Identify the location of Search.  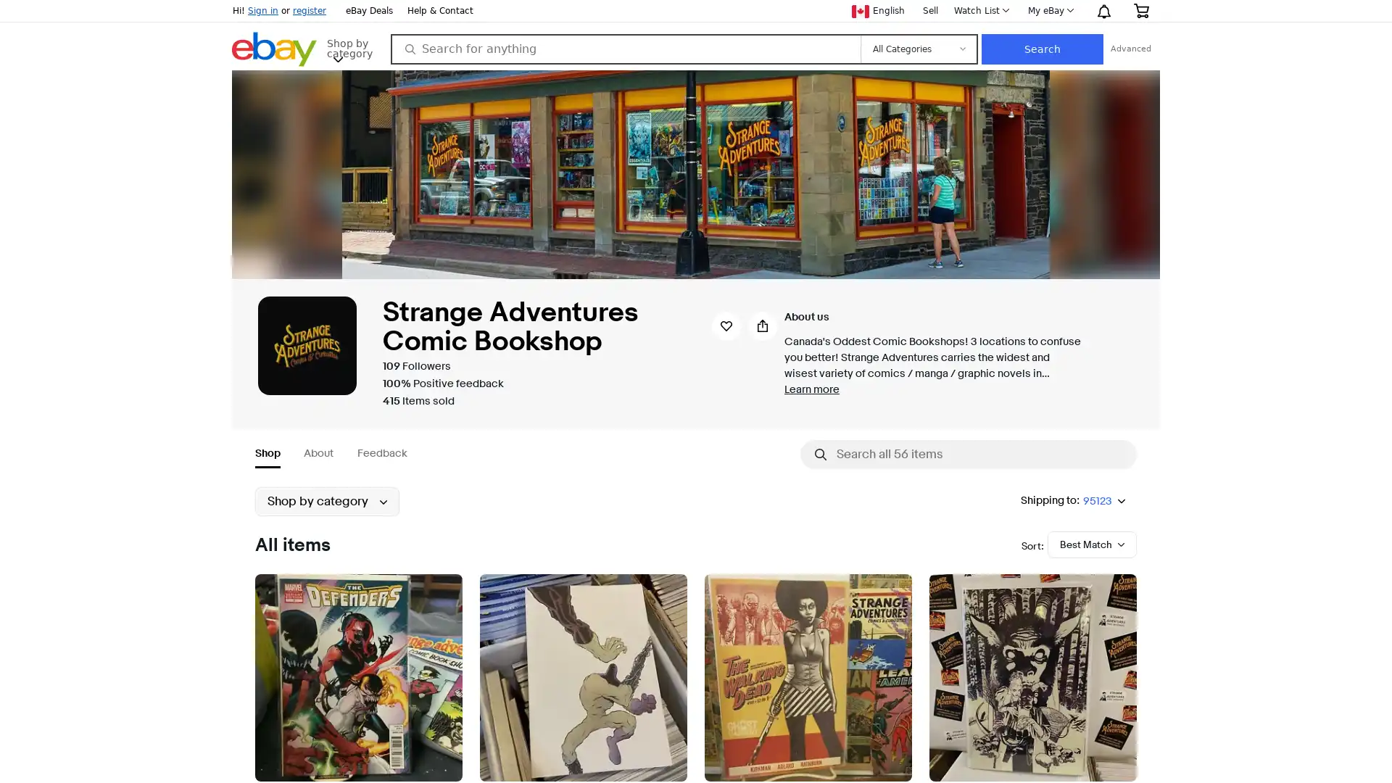
(1042, 49).